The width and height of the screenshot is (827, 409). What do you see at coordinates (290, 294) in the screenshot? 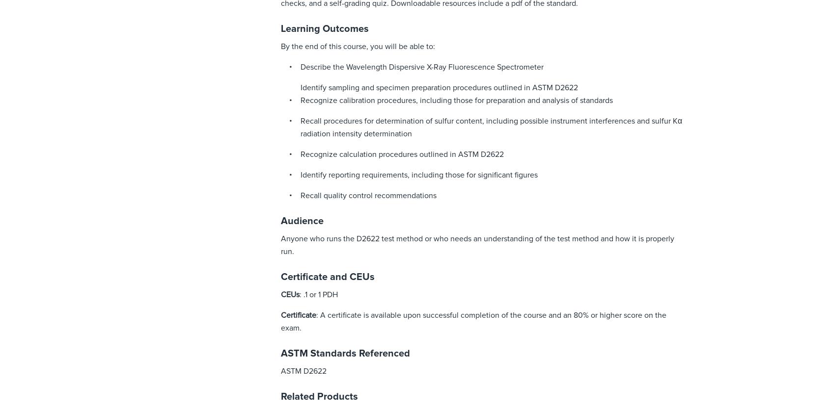
I see `'CEUs'` at bounding box center [290, 294].